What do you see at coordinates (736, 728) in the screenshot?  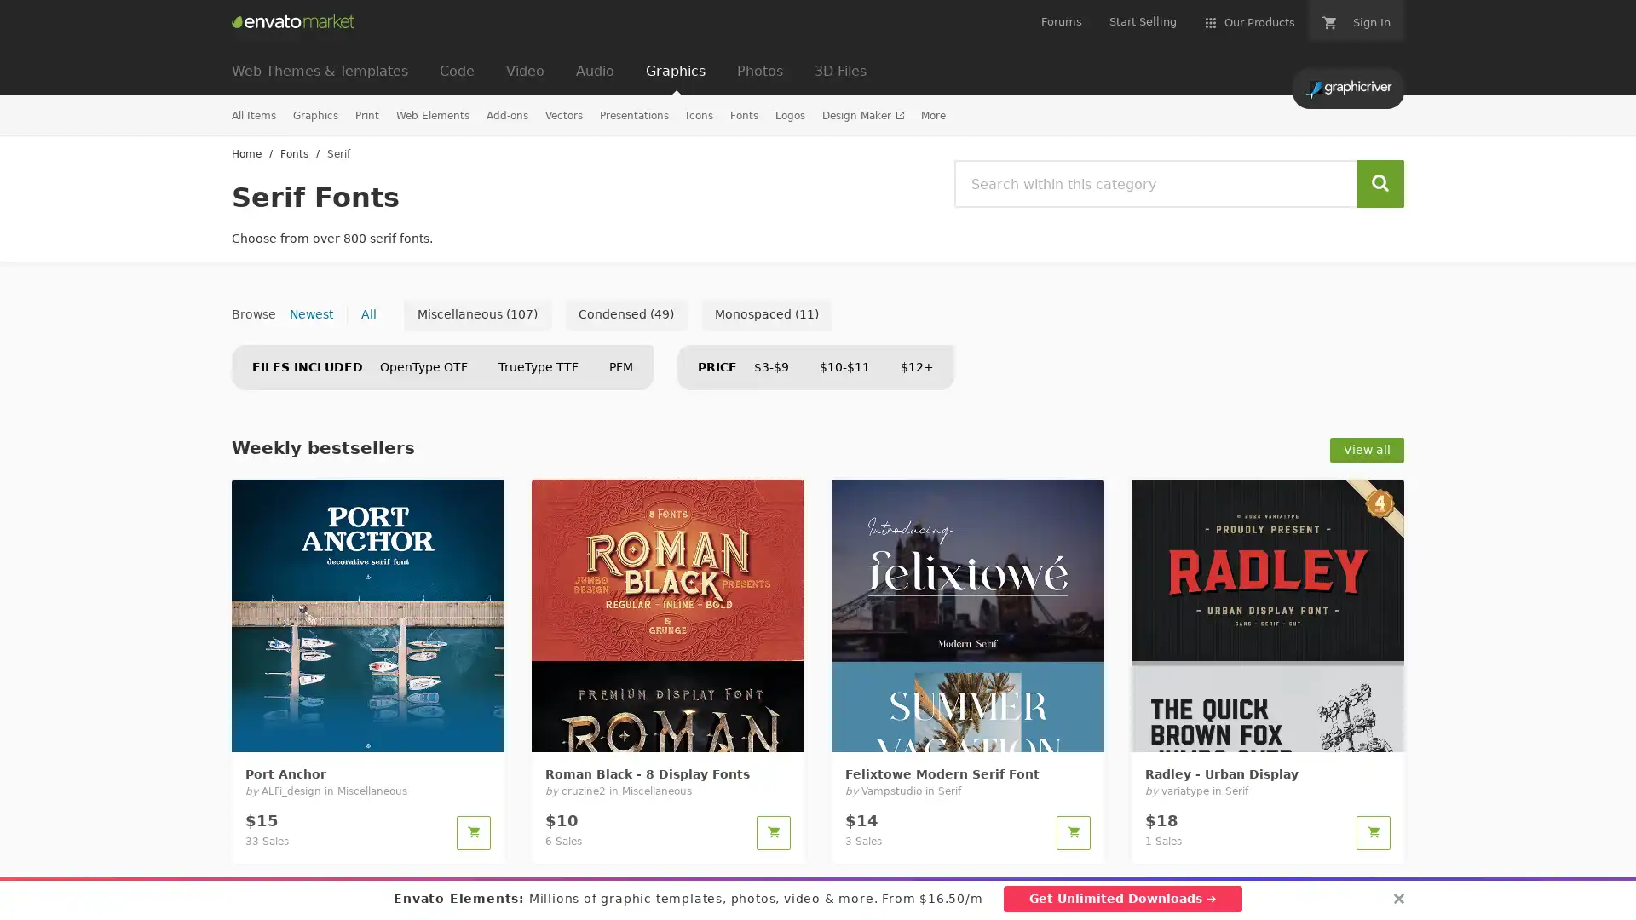 I see `Add to collection` at bounding box center [736, 728].